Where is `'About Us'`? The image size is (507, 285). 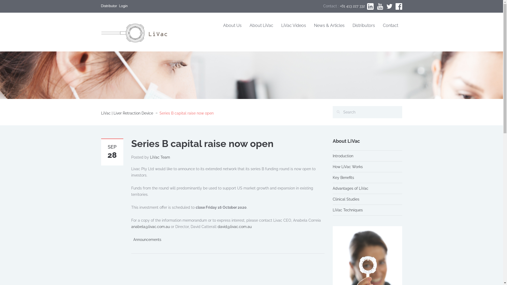
'About Us' is located at coordinates (232, 26).